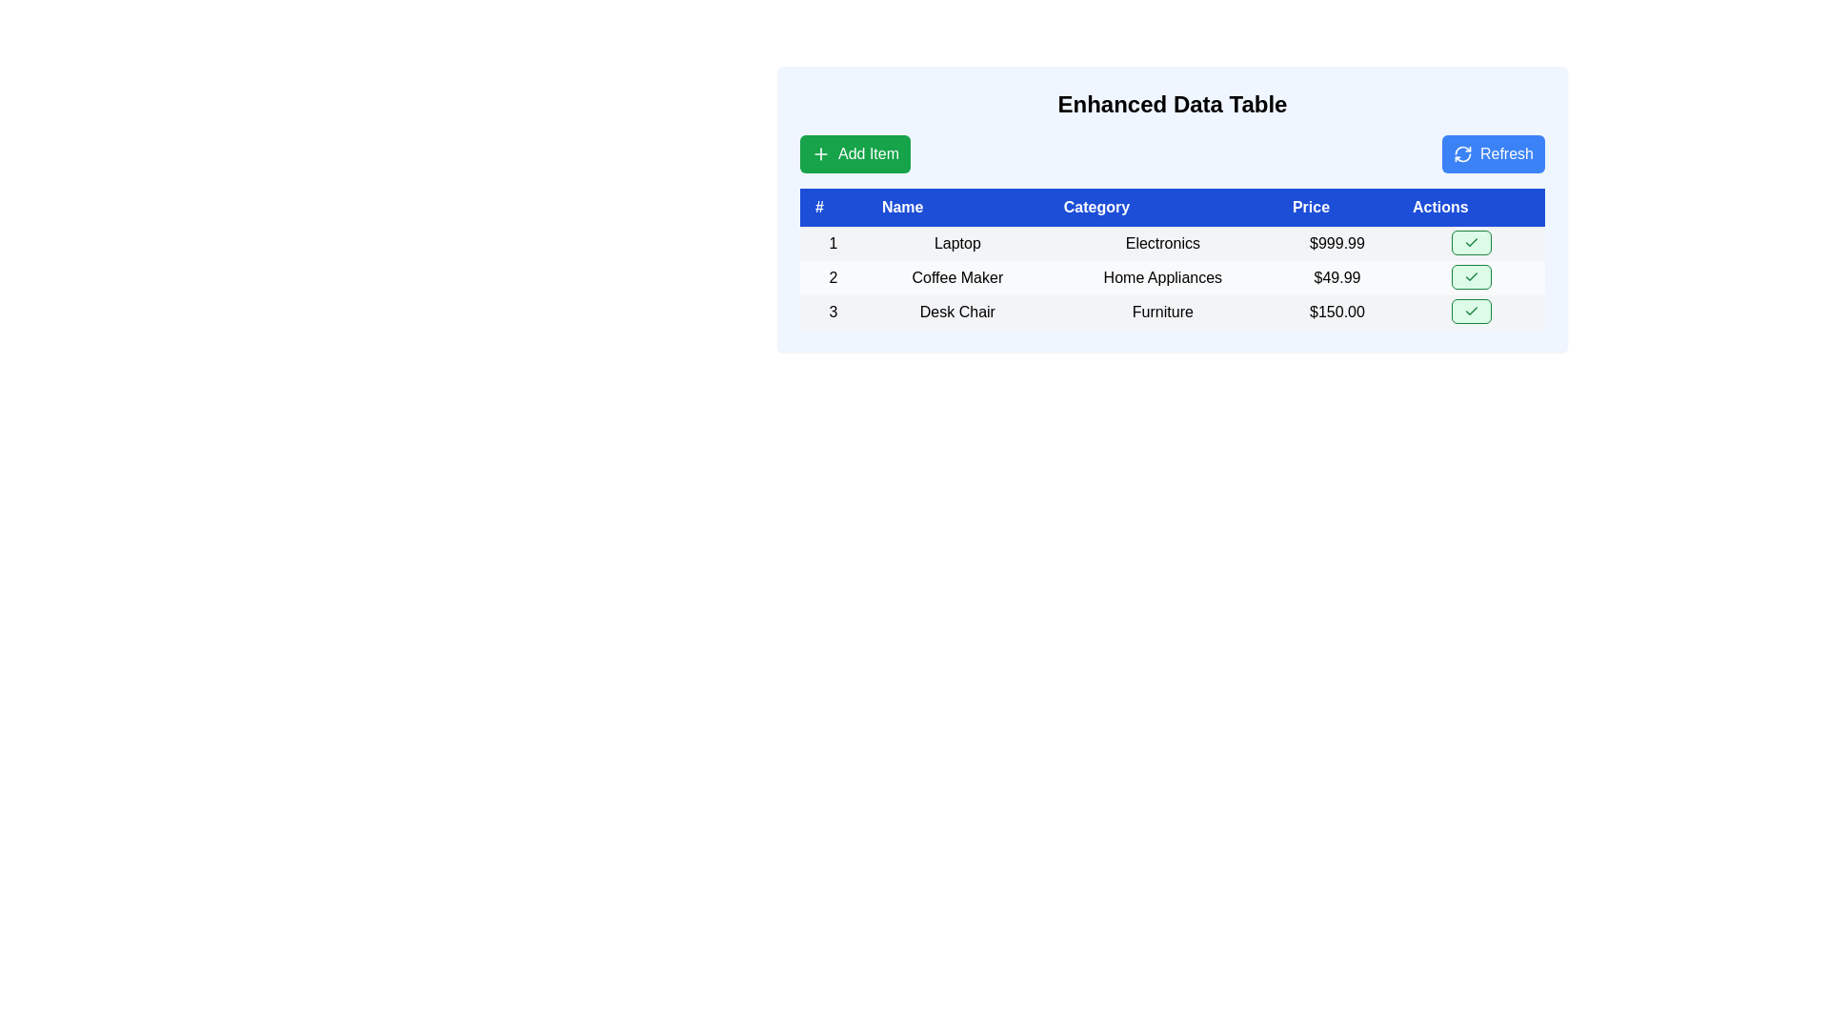 The width and height of the screenshot is (1829, 1029). I want to click on text label indicating the category 'Desk Chair' located in the third row of the table under the 'Category' column, so click(1161, 311).